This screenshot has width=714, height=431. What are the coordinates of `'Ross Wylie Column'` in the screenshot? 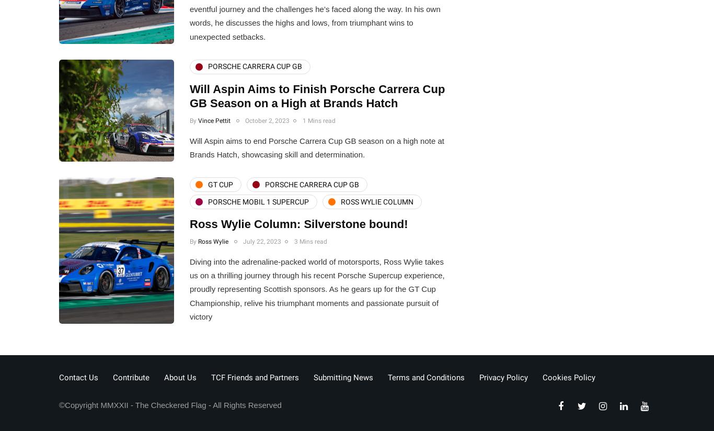 It's located at (377, 201).